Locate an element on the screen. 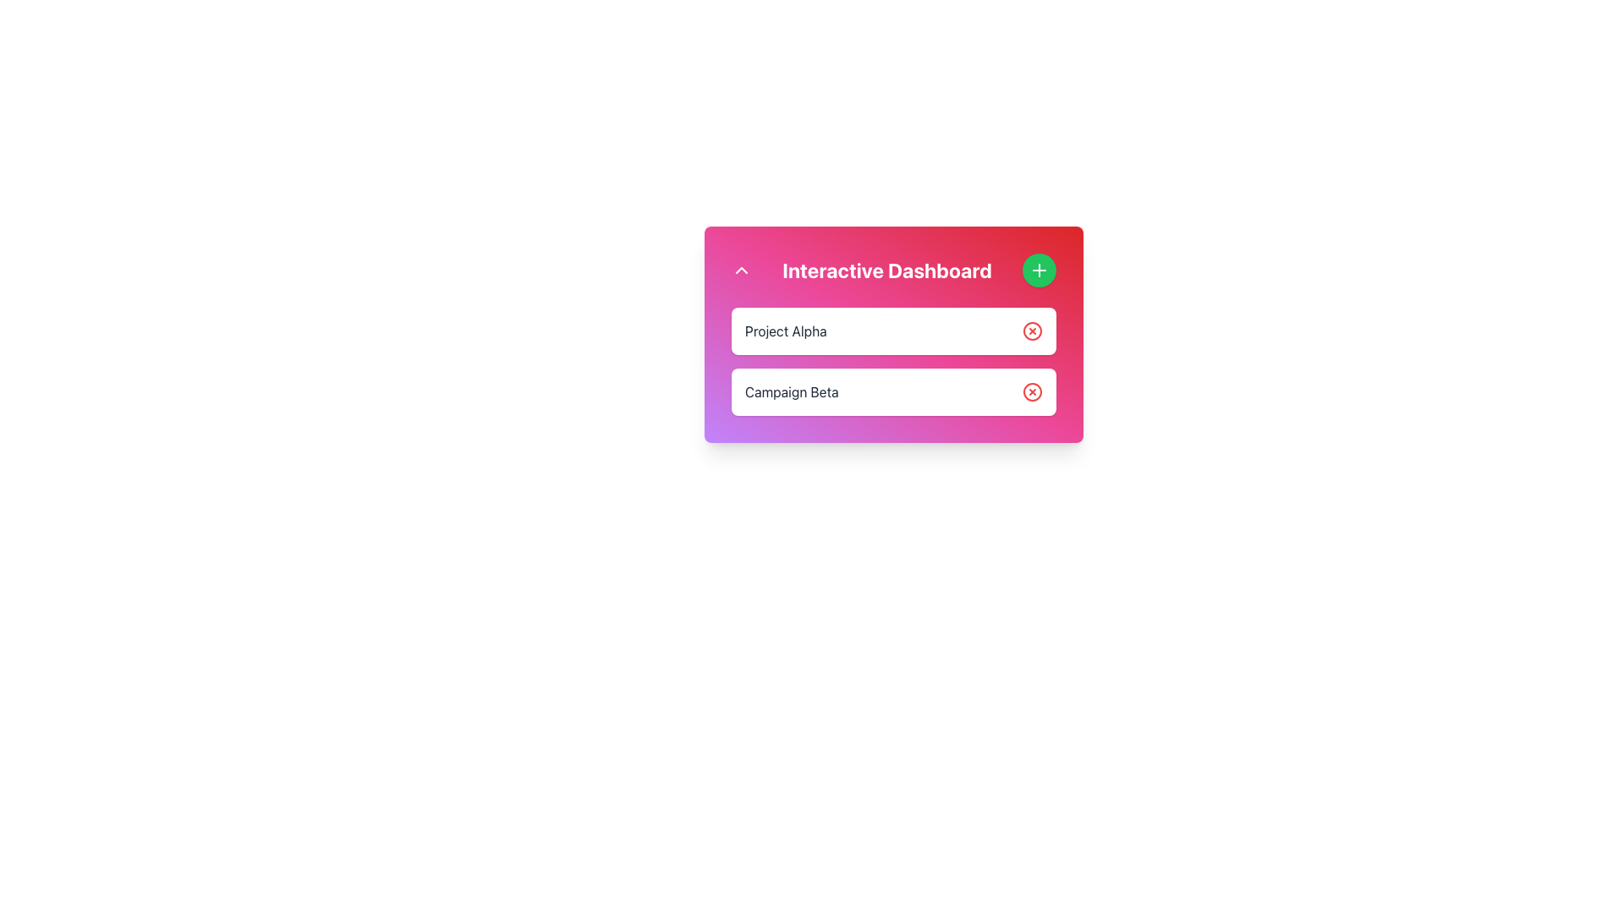  the delete icon button located to the far-right of the 'Campaign Beta' section is located at coordinates (1031, 391).